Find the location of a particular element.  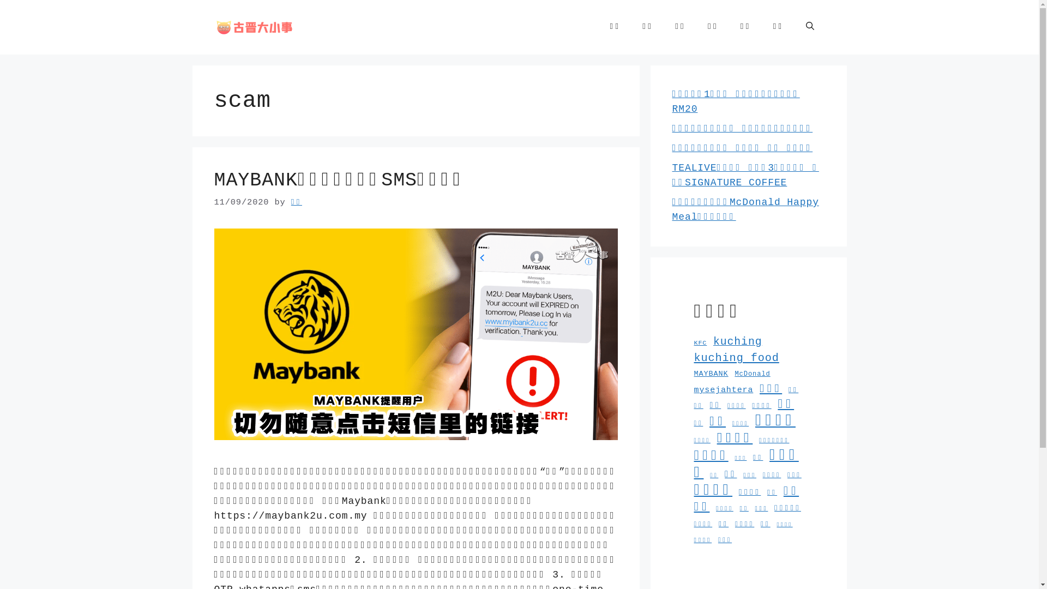

'MAYBANK' is located at coordinates (711, 373).